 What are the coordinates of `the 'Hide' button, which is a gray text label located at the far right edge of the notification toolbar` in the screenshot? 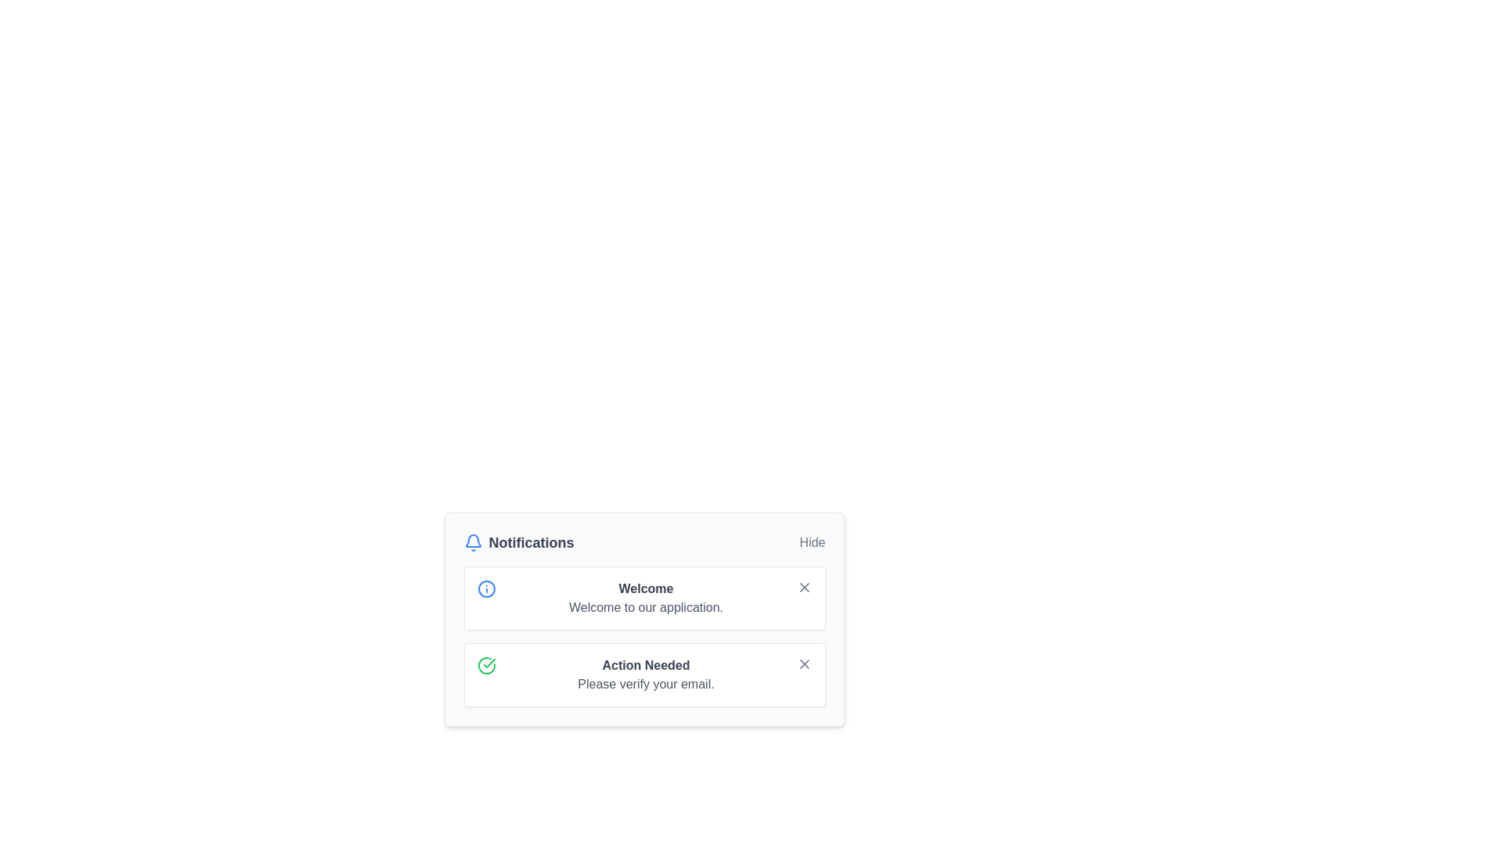 It's located at (813, 542).